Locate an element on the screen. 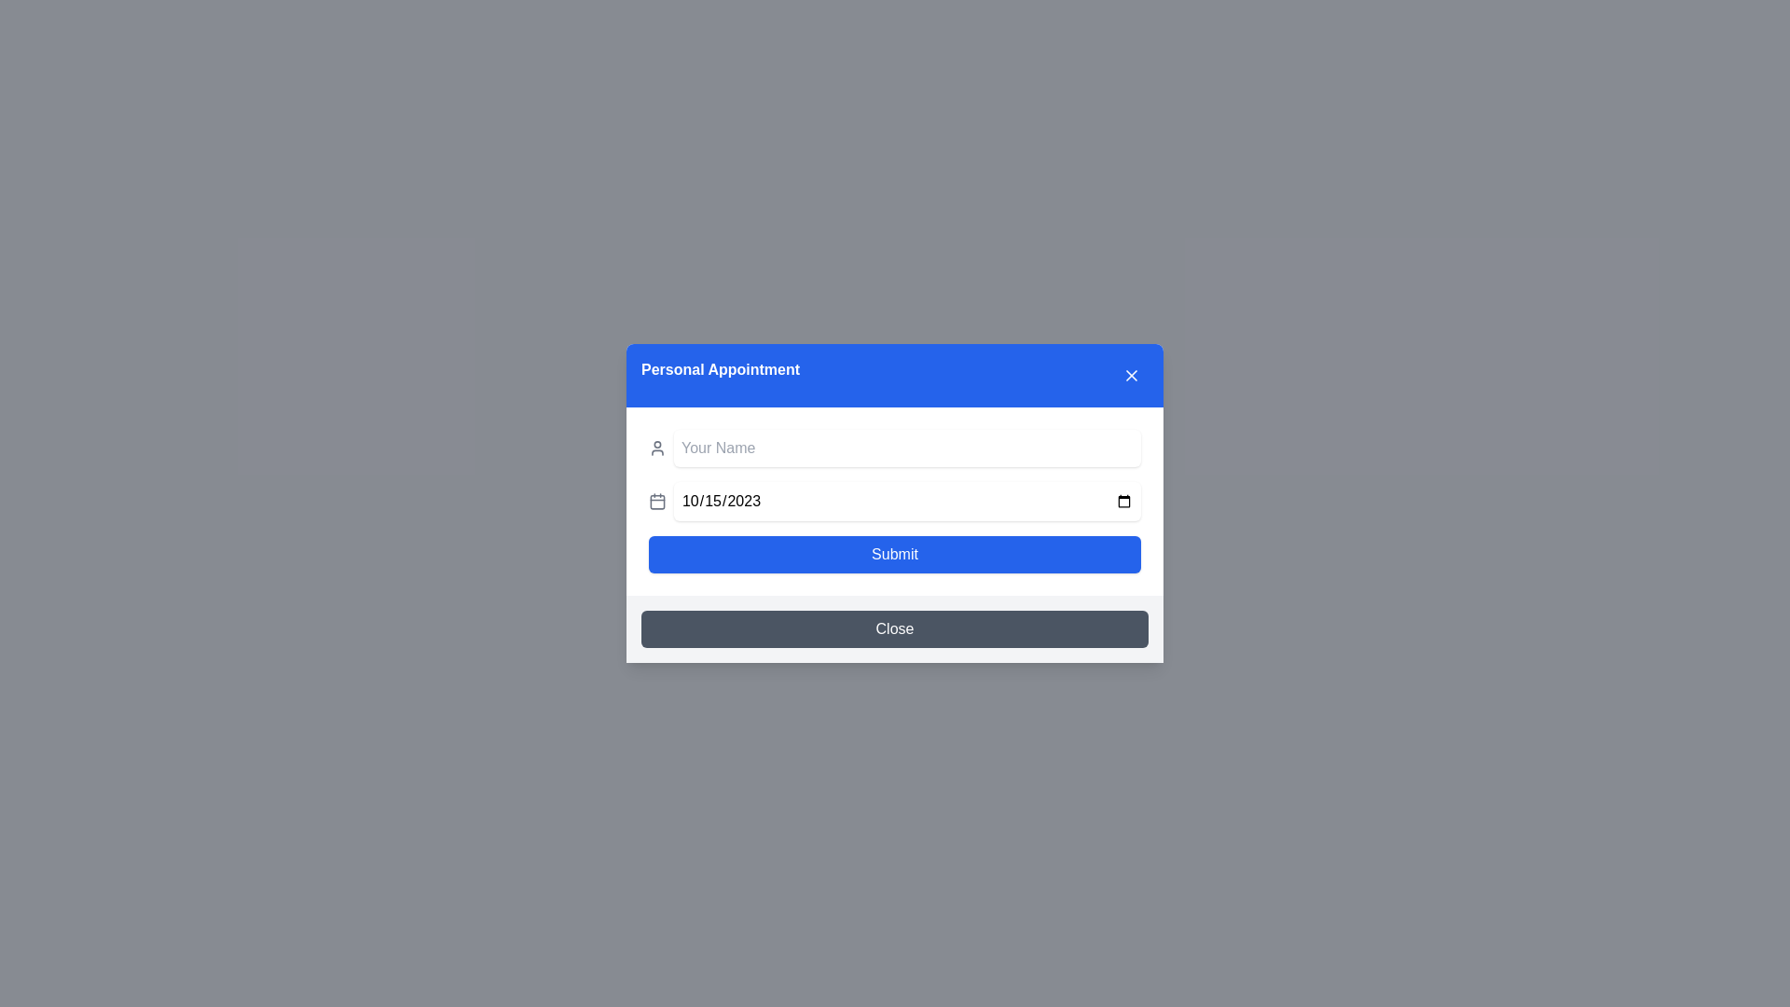 Image resolution: width=1790 pixels, height=1007 pixels. the close button for the 'Personal Appointment' modal is located at coordinates (1131, 375).